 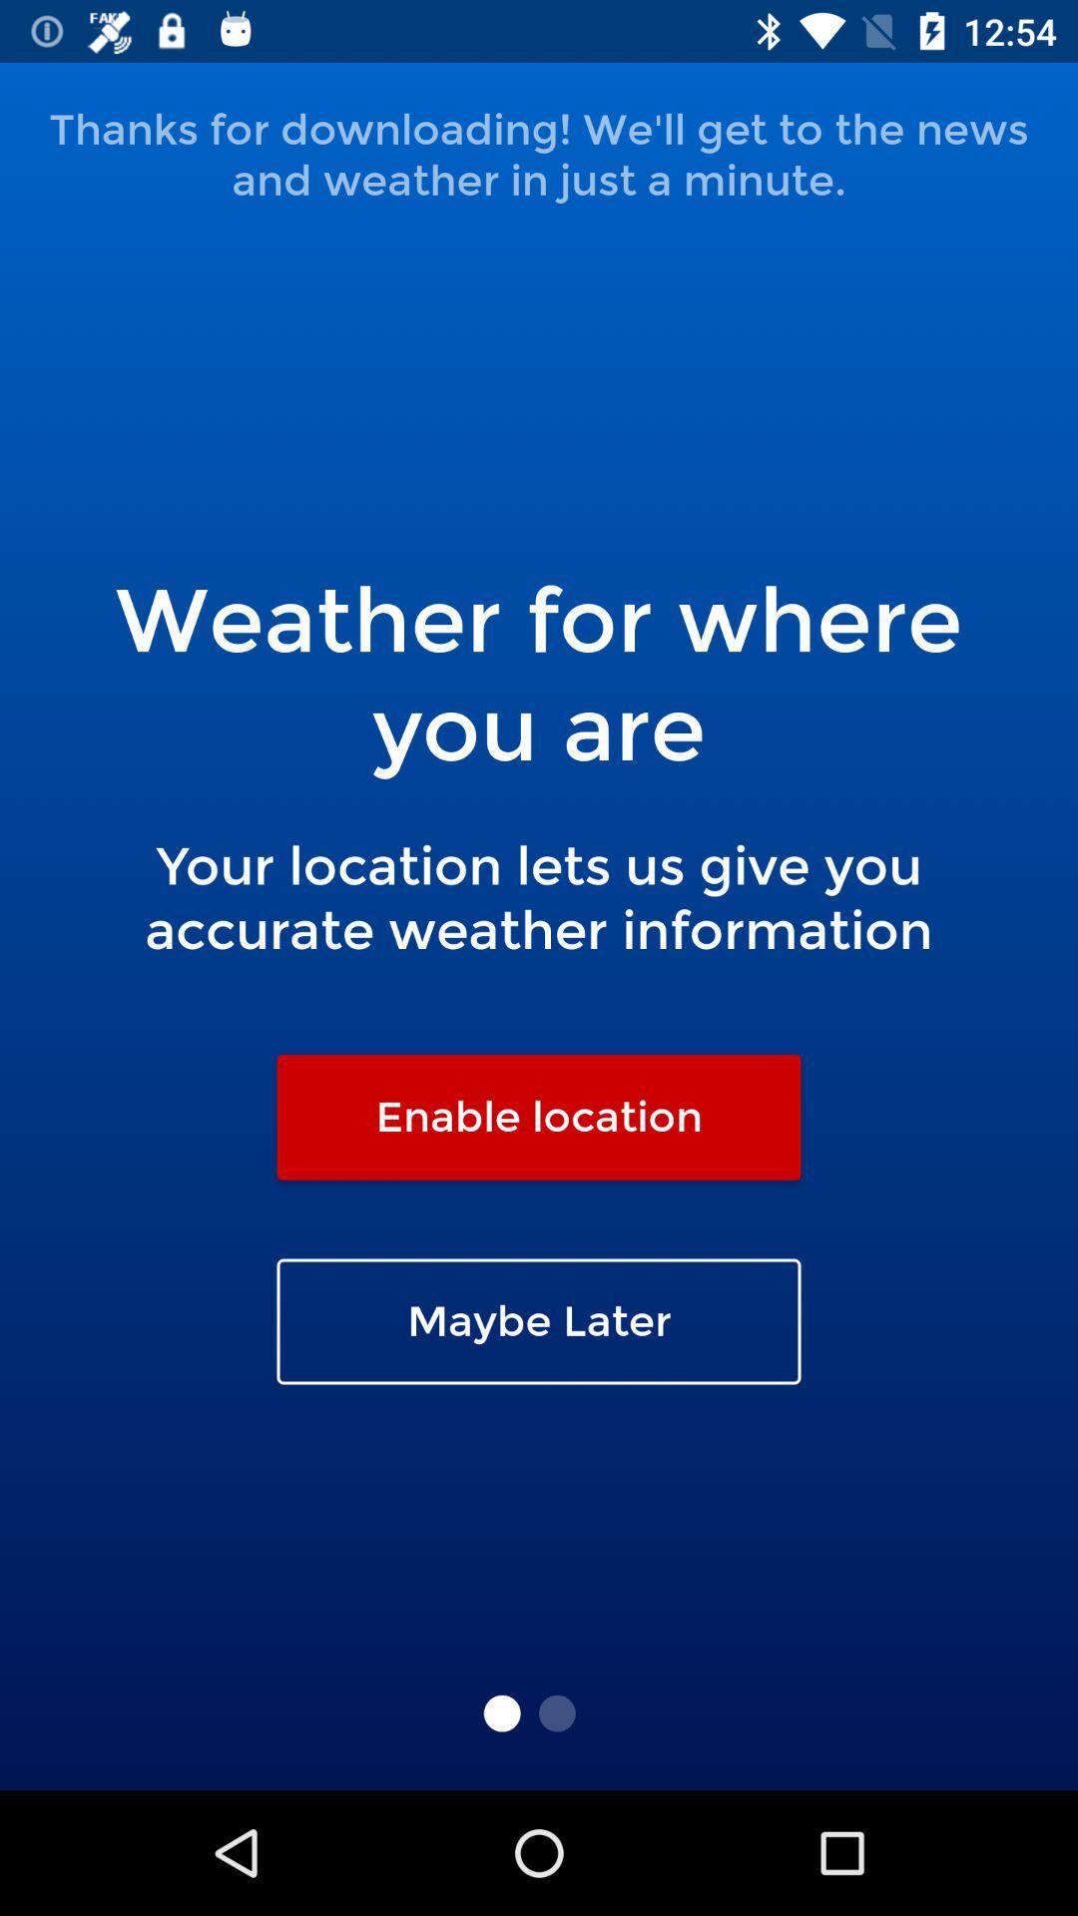 What do you see at coordinates (539, 1116) in the screenshot?
I see `icon above the maybe later icon` at bounding box center [539, 1116].